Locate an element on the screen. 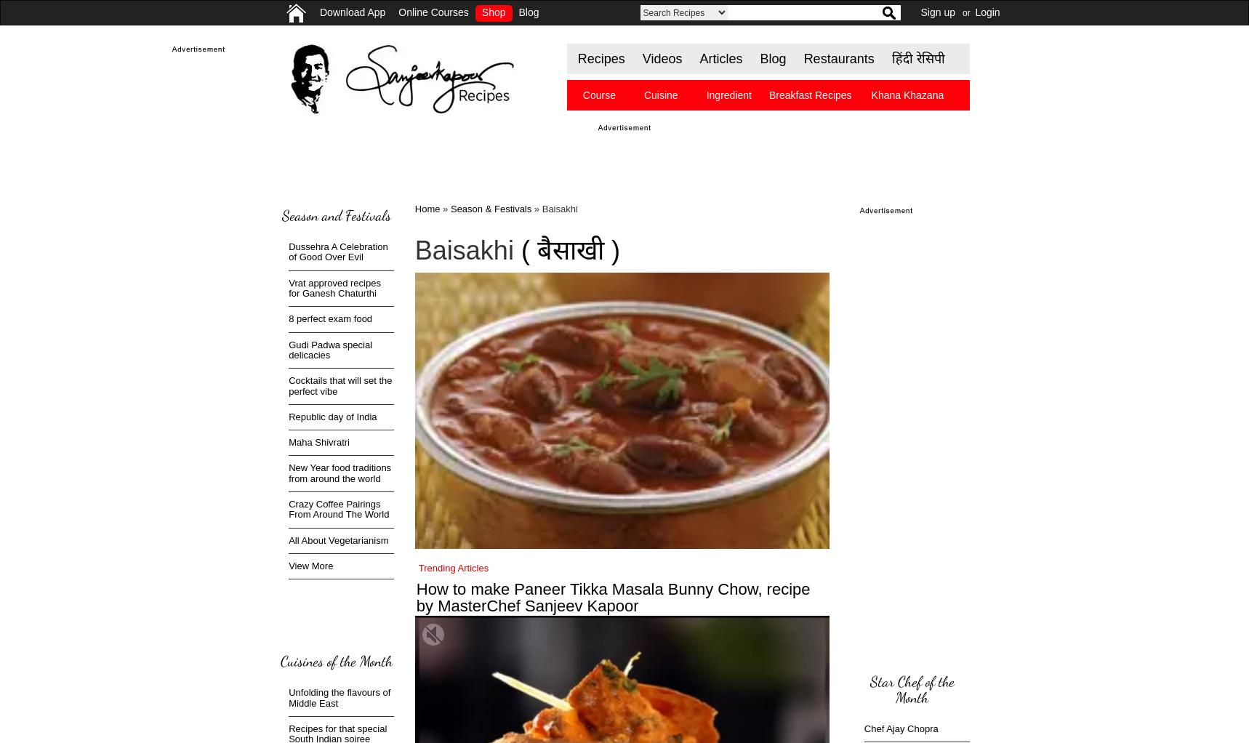 This screenshot has height=743, width=1249. 'Cuisine' is located at coordinates (659, 95).